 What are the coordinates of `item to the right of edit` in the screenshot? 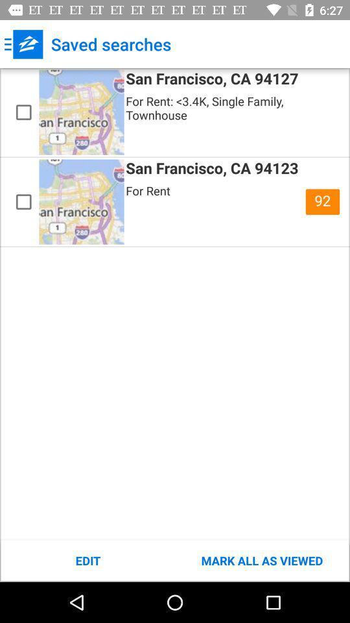 It's located at (262, 560).